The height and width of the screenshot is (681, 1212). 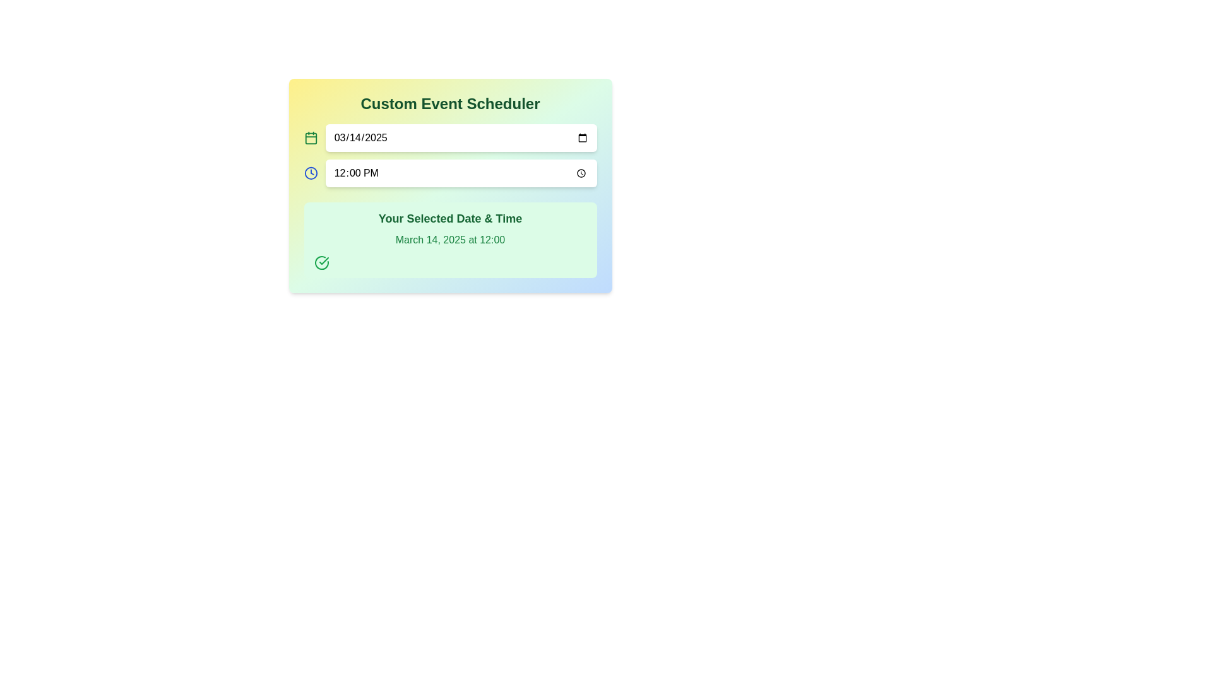 I want to click on the label displaying the selected date and time for the scheduled event, which is located below the 'Your Selected Date & Time' section and is centered horizontally in this section with a green font, so click(x=450, y=240).